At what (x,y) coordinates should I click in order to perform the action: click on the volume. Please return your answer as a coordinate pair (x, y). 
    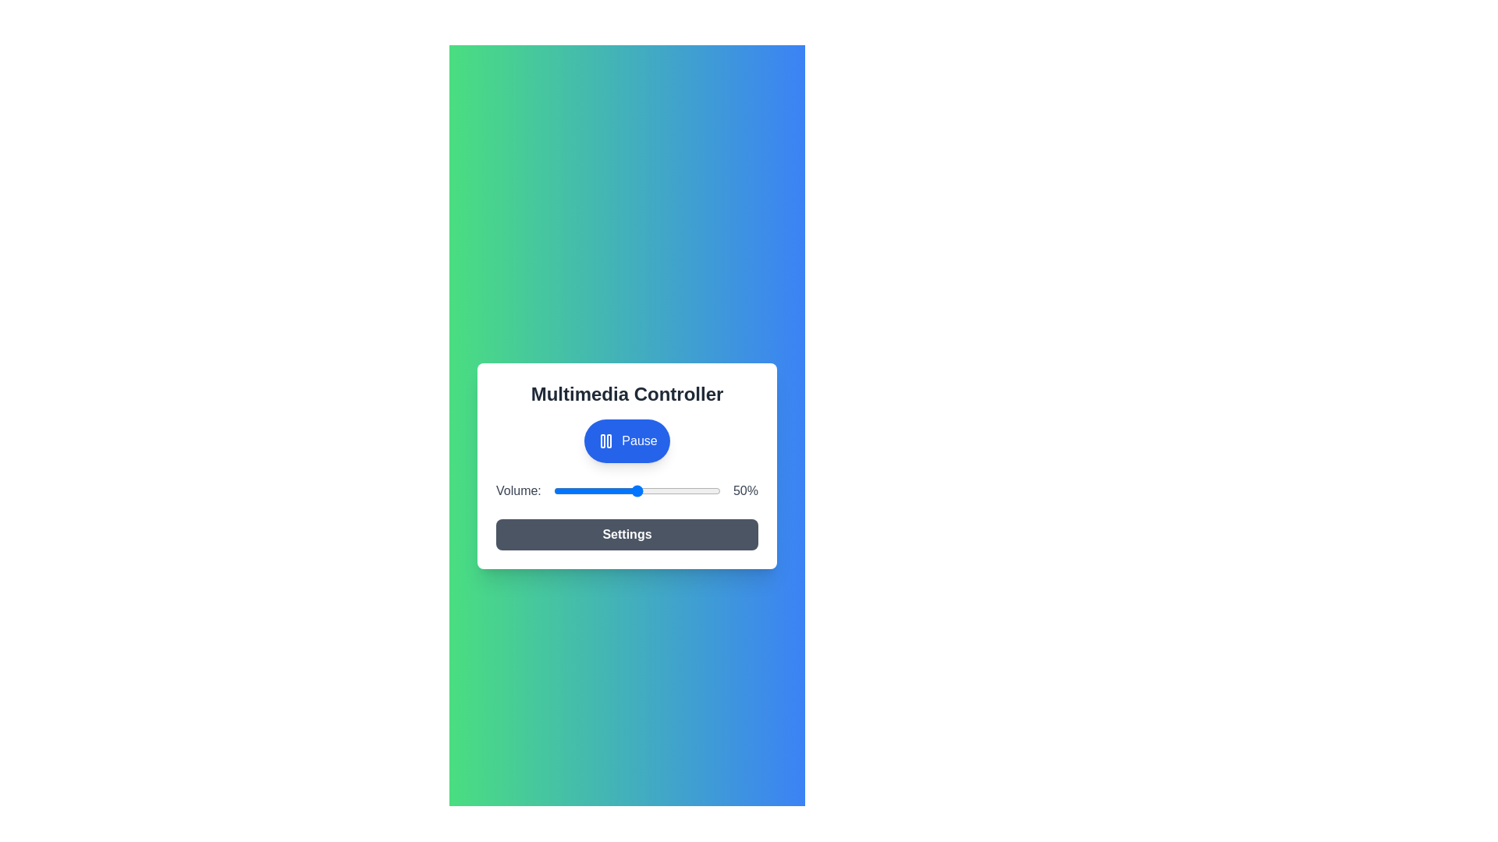
    Looking at the image, I should click on (580, 490).